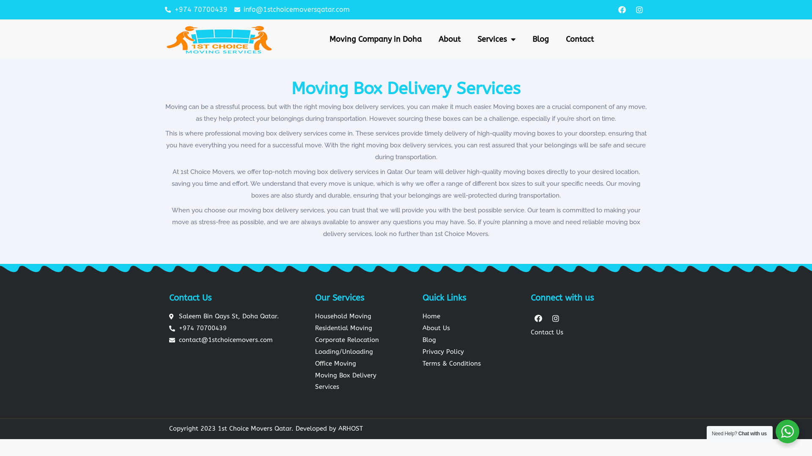 The image size is (812, 456). What do you see at coordinates (468, 39) in the screenshot?
I see `'Services'` at bounding box center [468, 39].